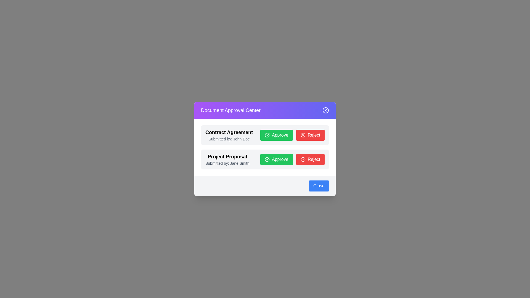 This screenshot has height=298, width=530. Describe the element at coordinates (267, 135) in the screenshot. I see `the approval icon located inside the 'Approve' button, which is positioned to the right of the 'Contract Agreement' text and above the 'Reject' button` at that location.